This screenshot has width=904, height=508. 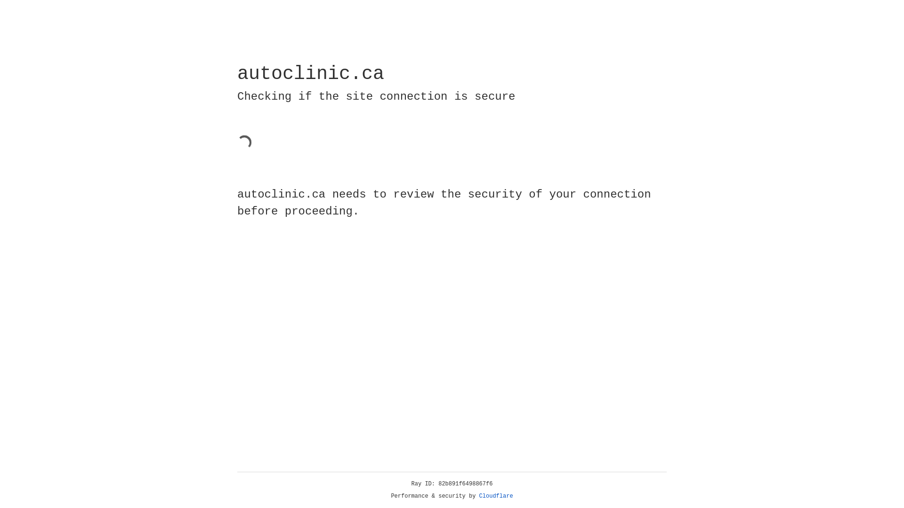 What do you see at coordinates (496, 496) in the screenshot?
I see `'Cloudflare'` at bounding box center [496, 496].